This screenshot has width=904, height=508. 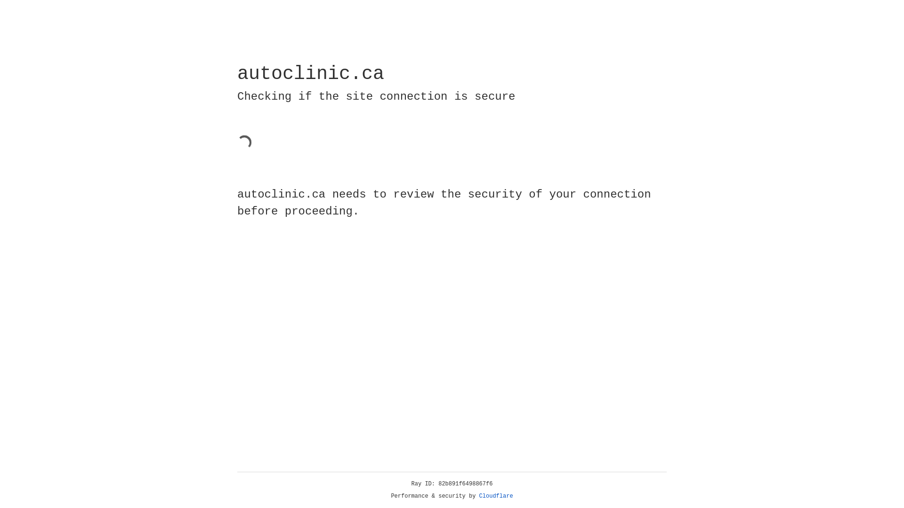 What do you see at coordinates (496, 496) in the screenshot?
I see `'Cloudflare'` at bounding box center [496, 496].